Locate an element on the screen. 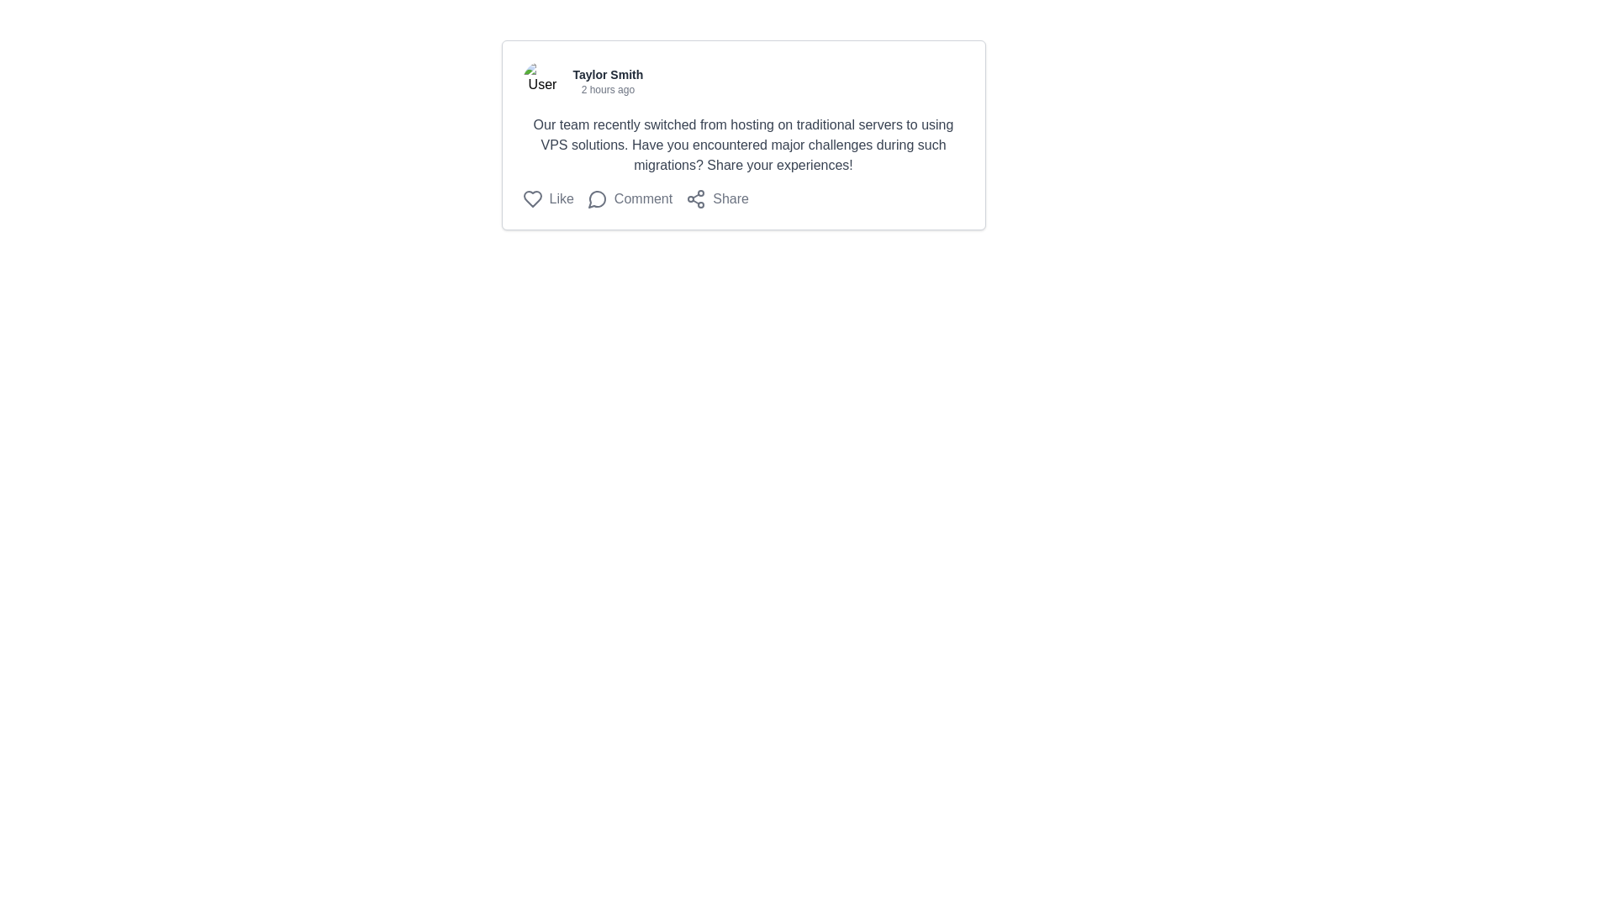 This screenshot has width=1614, height=908. the outlined heart-shaped icon, which is gray and located to the left of the 'Like' text label in a horizontal row of interactive elements is located at coordinates (531, 198).